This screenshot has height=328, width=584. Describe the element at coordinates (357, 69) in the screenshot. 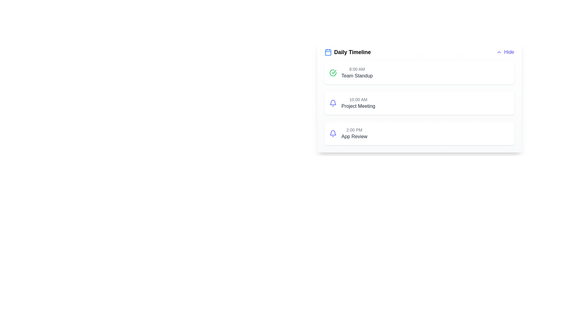

I see `the static text label displaying '8:00 AM', which is located in the top left section of the card-like component for the daily event schedule, above the 'Team Standup' label` at that location.